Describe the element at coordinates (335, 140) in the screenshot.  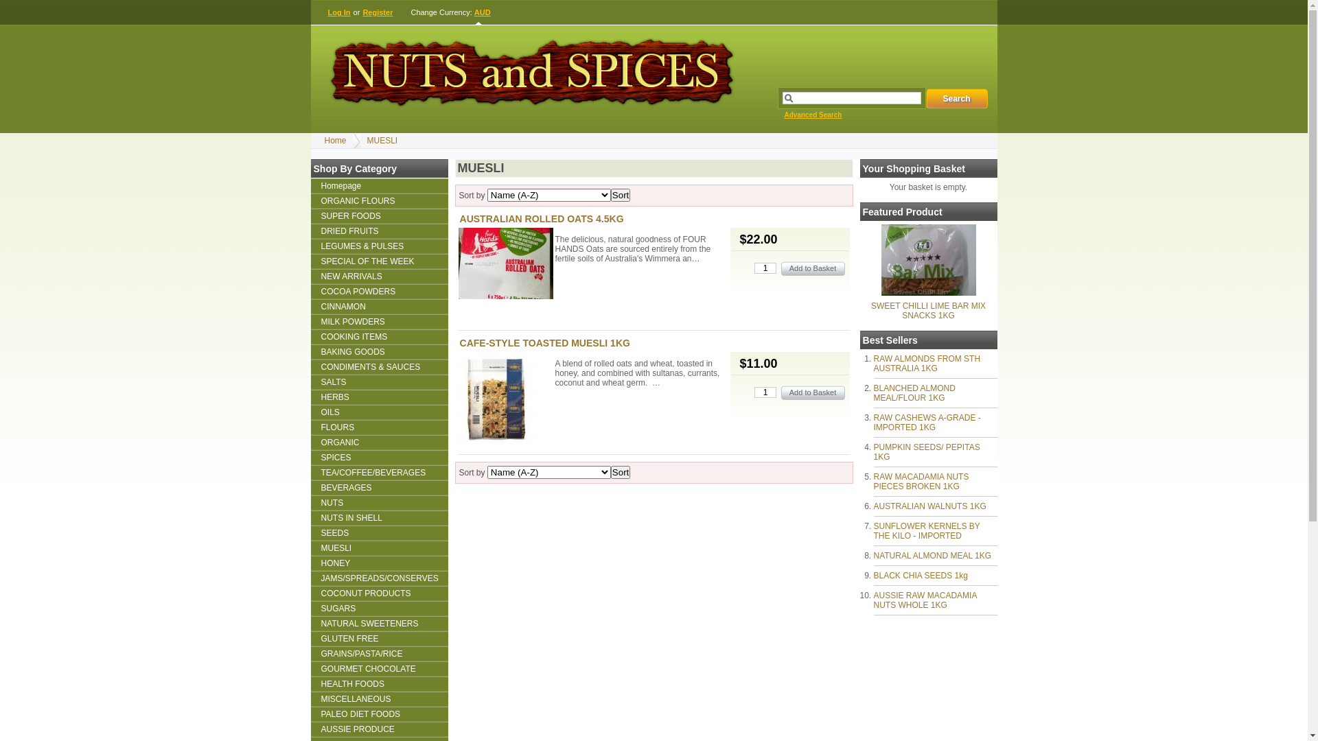
I see `'Home'` at that location.